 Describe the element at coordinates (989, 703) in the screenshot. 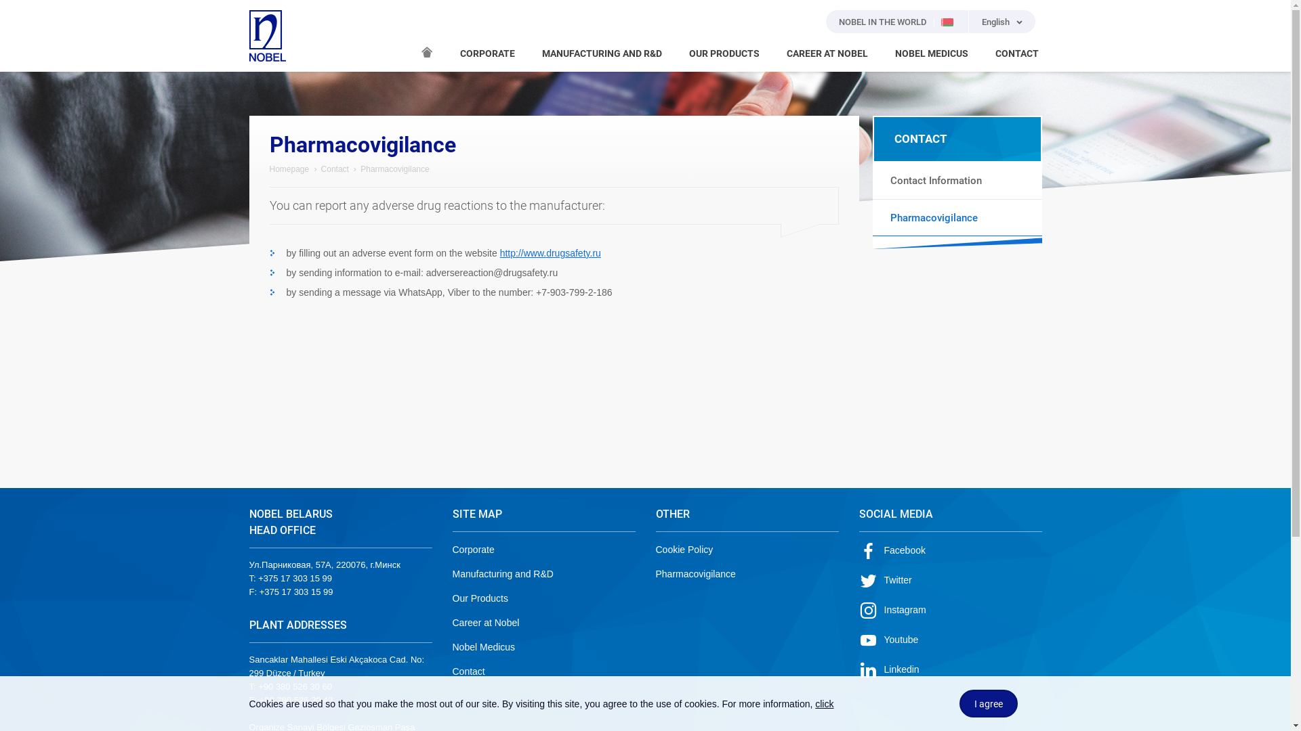

I see `'I agree'` at that location.